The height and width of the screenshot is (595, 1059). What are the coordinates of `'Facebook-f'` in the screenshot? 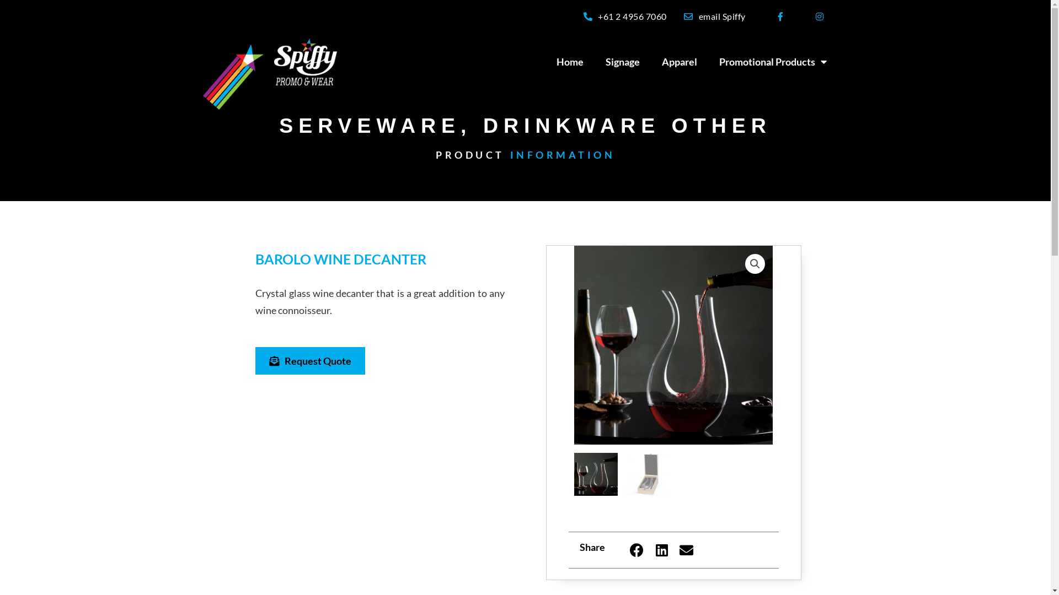 It's located at (780, 16).